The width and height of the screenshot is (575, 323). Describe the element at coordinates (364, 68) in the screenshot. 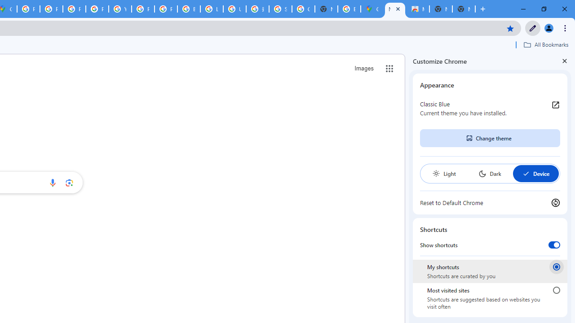

I see `'Search for Images '` at that location.